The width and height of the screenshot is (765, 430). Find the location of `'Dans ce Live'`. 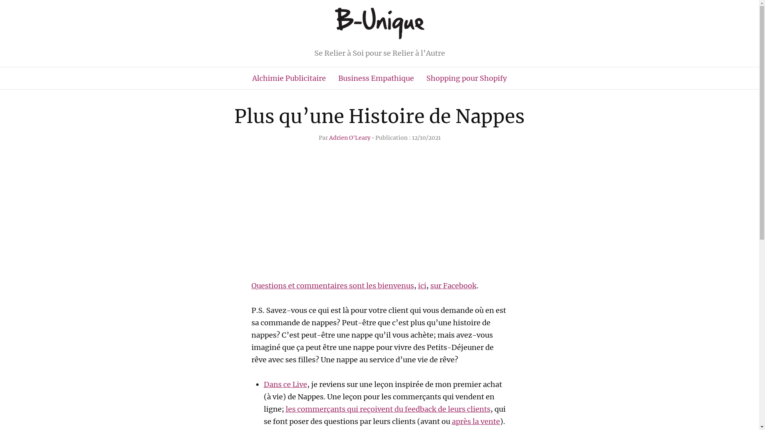

'Dans ce Live' is located at coordinates (285, 384).